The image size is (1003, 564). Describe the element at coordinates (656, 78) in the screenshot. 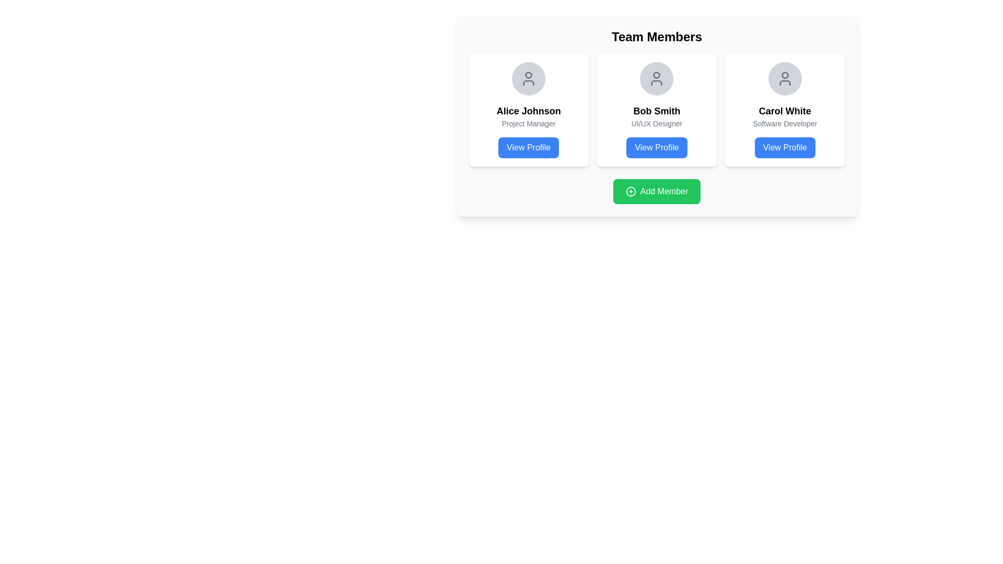

I see `the user icon representing Bob Smith, a UI/UX Designer, located in the center of the three cards under the 'Team Members' heading` at that location.